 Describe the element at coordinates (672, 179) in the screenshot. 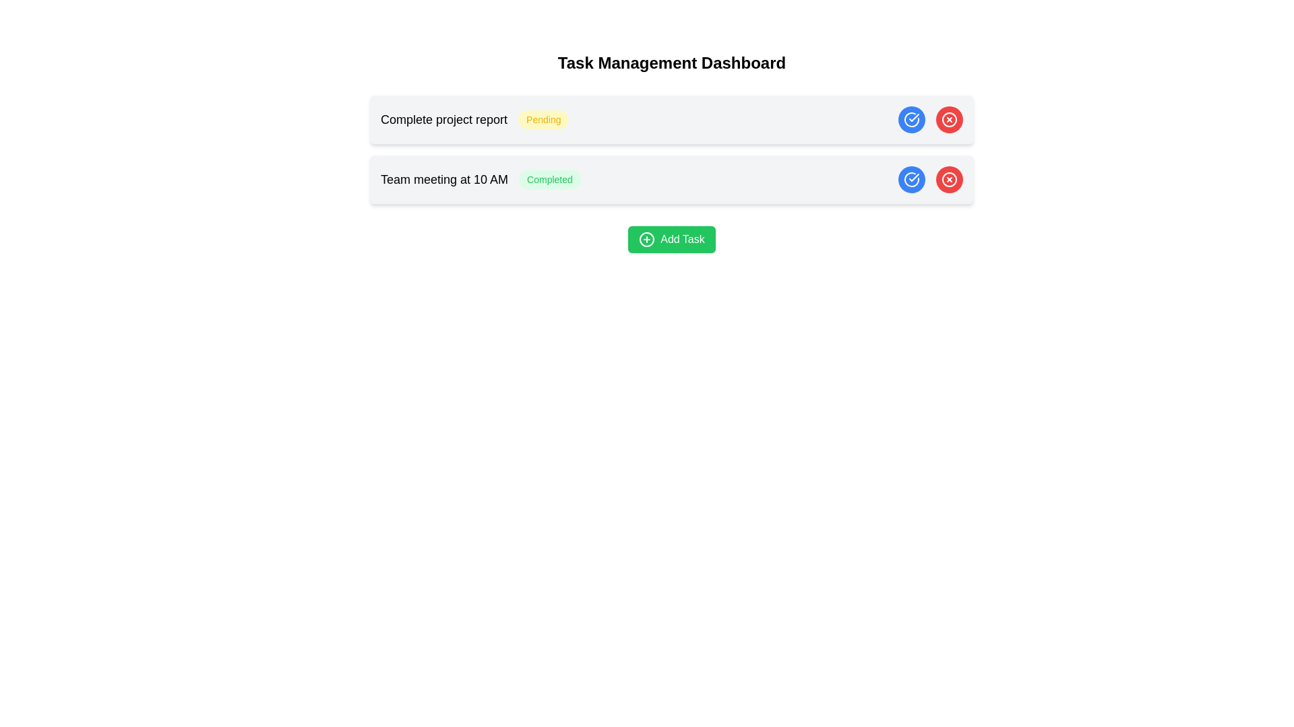

I see `the Task card labeled 'Team meeting at 10 AM' which is the second card in a vertical list` at that location.